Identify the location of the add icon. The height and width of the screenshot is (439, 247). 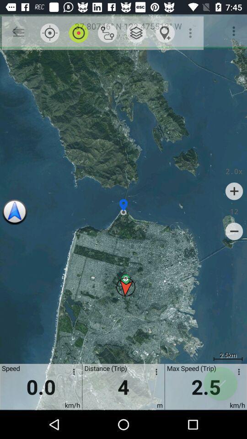
(234, 191).